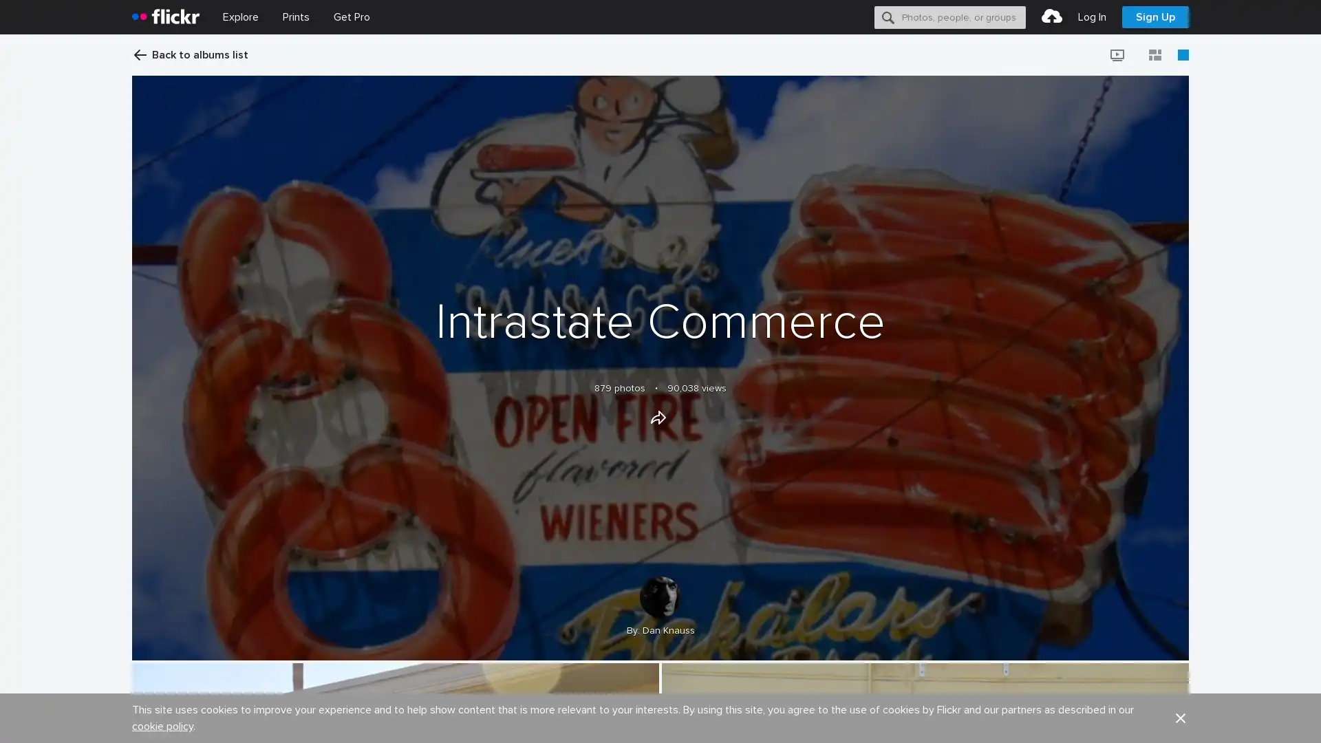 The height and width of the screenshot is (743, 1321). Describe the element at coordinates (888, 17) in the screenshot. I see `Search` at that location.